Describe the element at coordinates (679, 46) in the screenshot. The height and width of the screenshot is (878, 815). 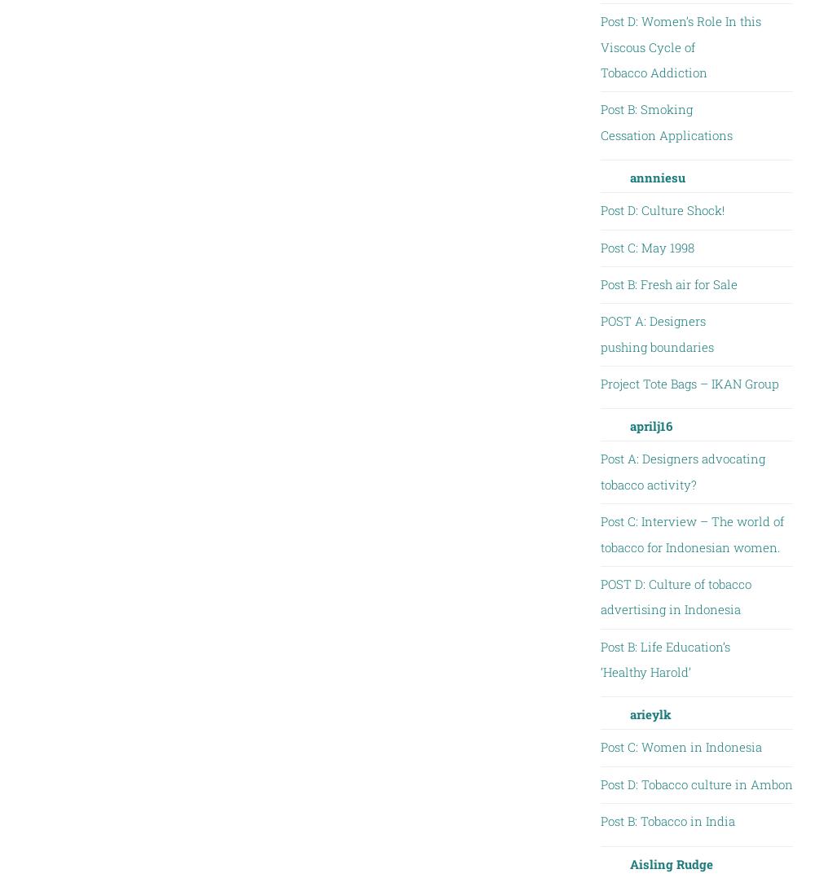
I see `'Post D: Women’s Role In this Viscous Cycle of Tobacco Addiction'` at that location.